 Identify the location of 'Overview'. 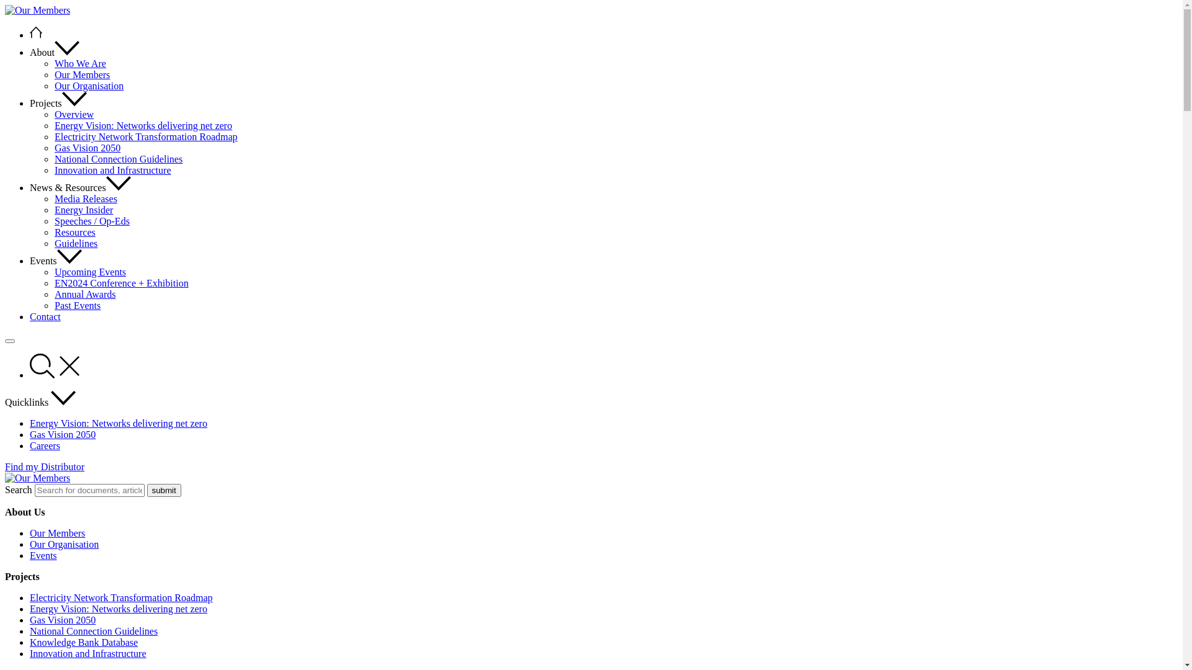
(73, 114).